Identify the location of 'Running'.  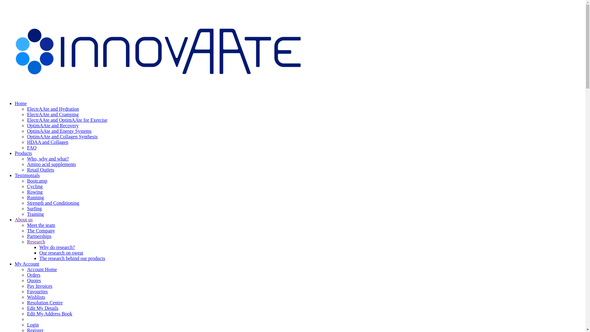
(26, 197).